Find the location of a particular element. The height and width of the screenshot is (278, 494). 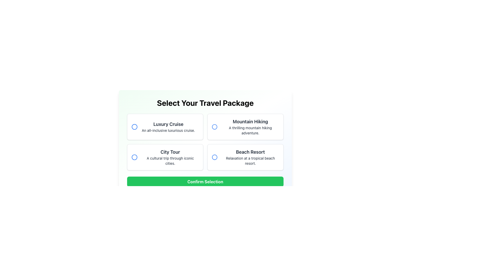

the blue circle radio button that serves as a selection indicator for the 'City Tour A cultural trip through iconic cities.' option is located at coordinates (134, 157).